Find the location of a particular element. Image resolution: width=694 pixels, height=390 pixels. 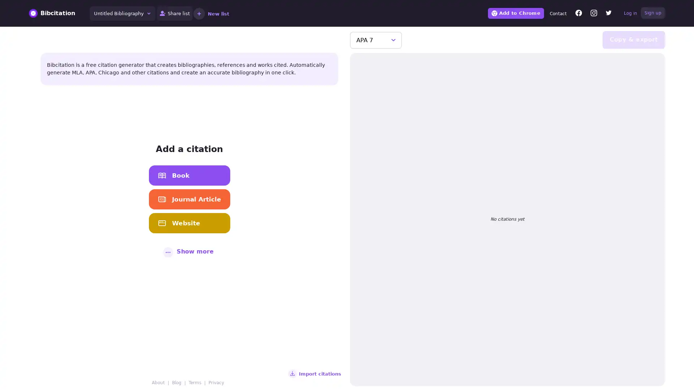

Journal Article is located at coordinates (189, 199).